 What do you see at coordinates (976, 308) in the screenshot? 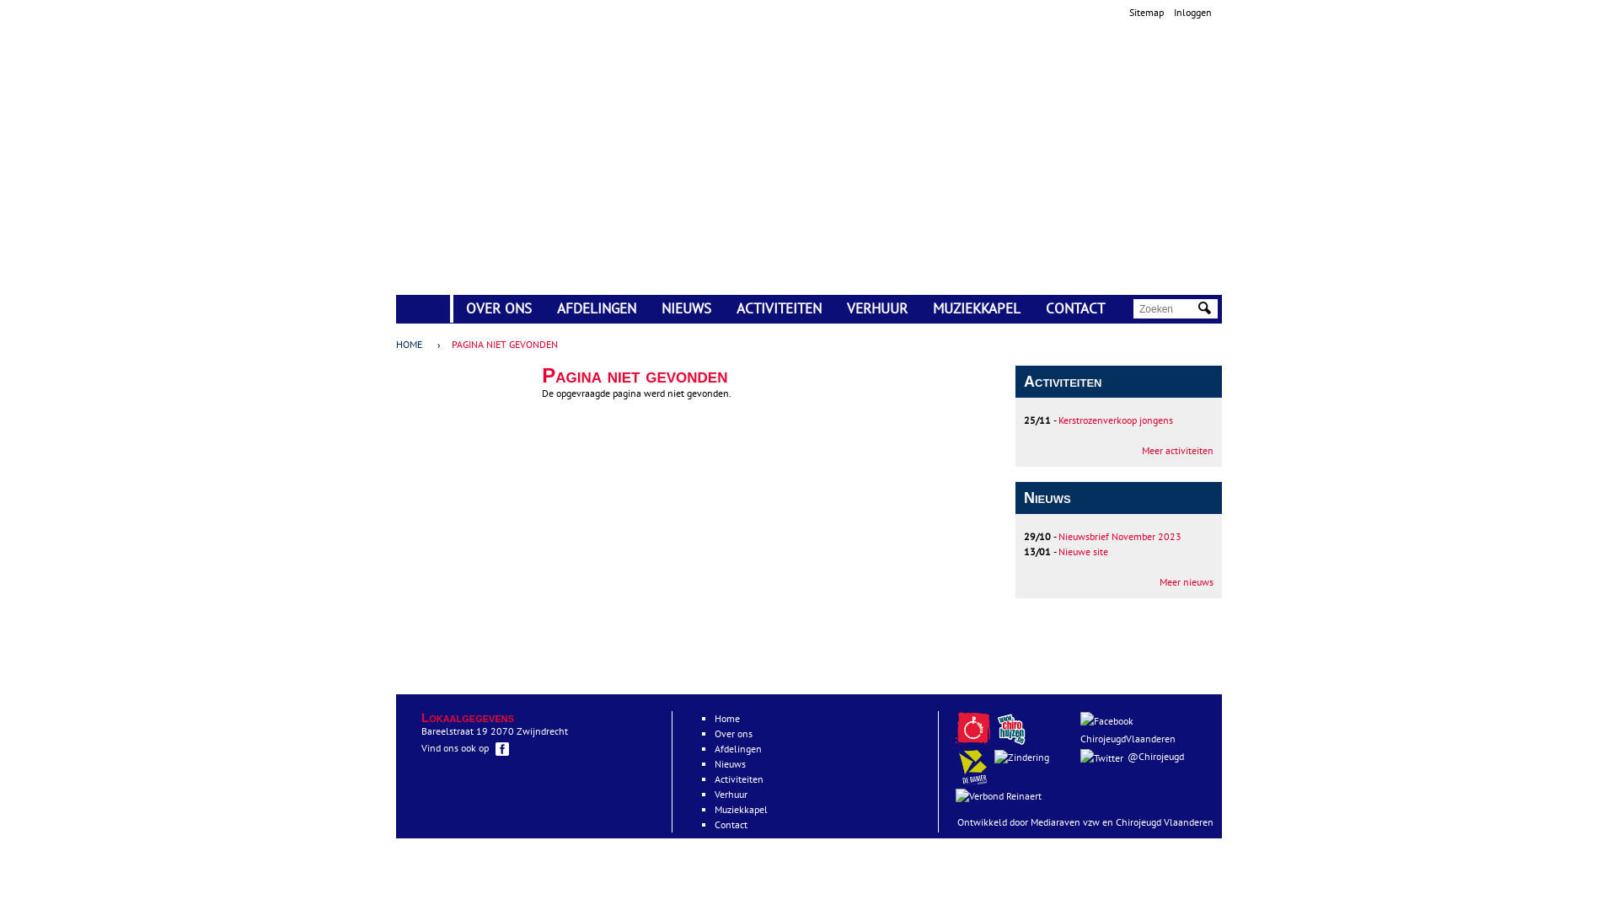
I see `'MUZIEKKAPEL'` at bounding box center [976, 308].